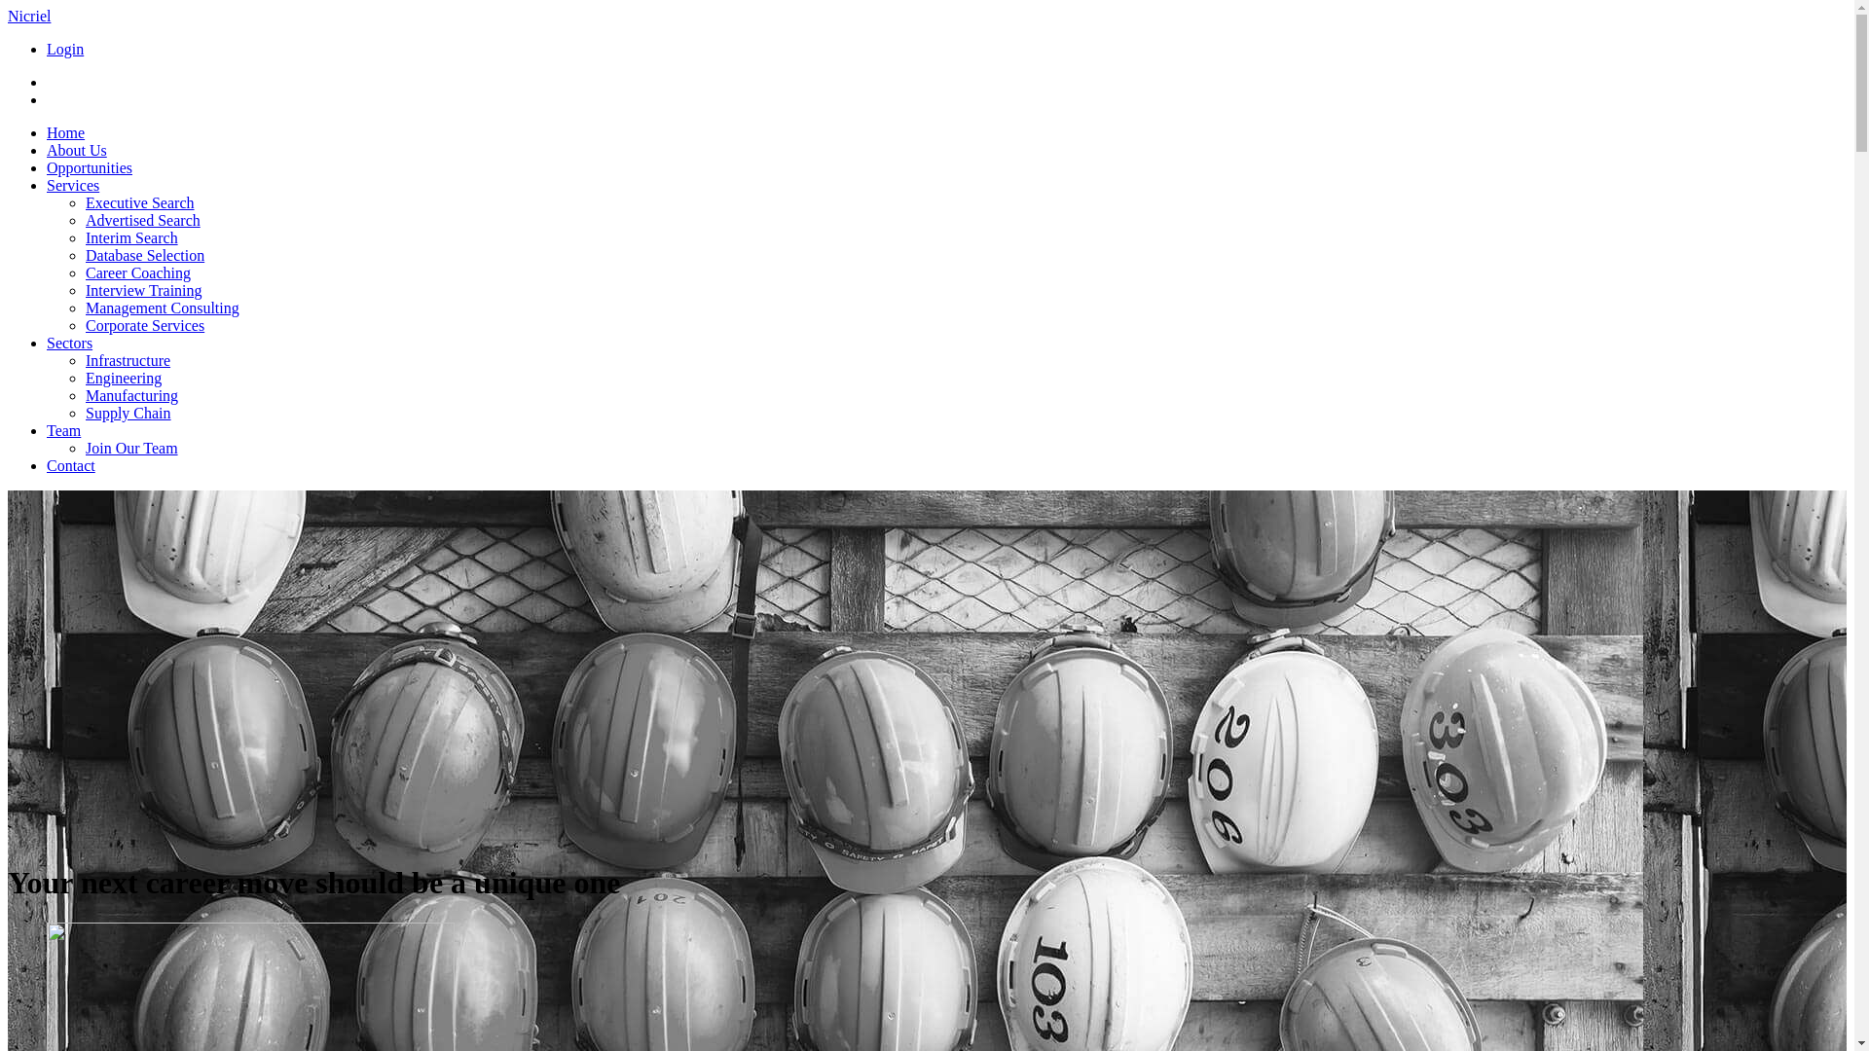  I want to click on 'Login', so click(65, 48).